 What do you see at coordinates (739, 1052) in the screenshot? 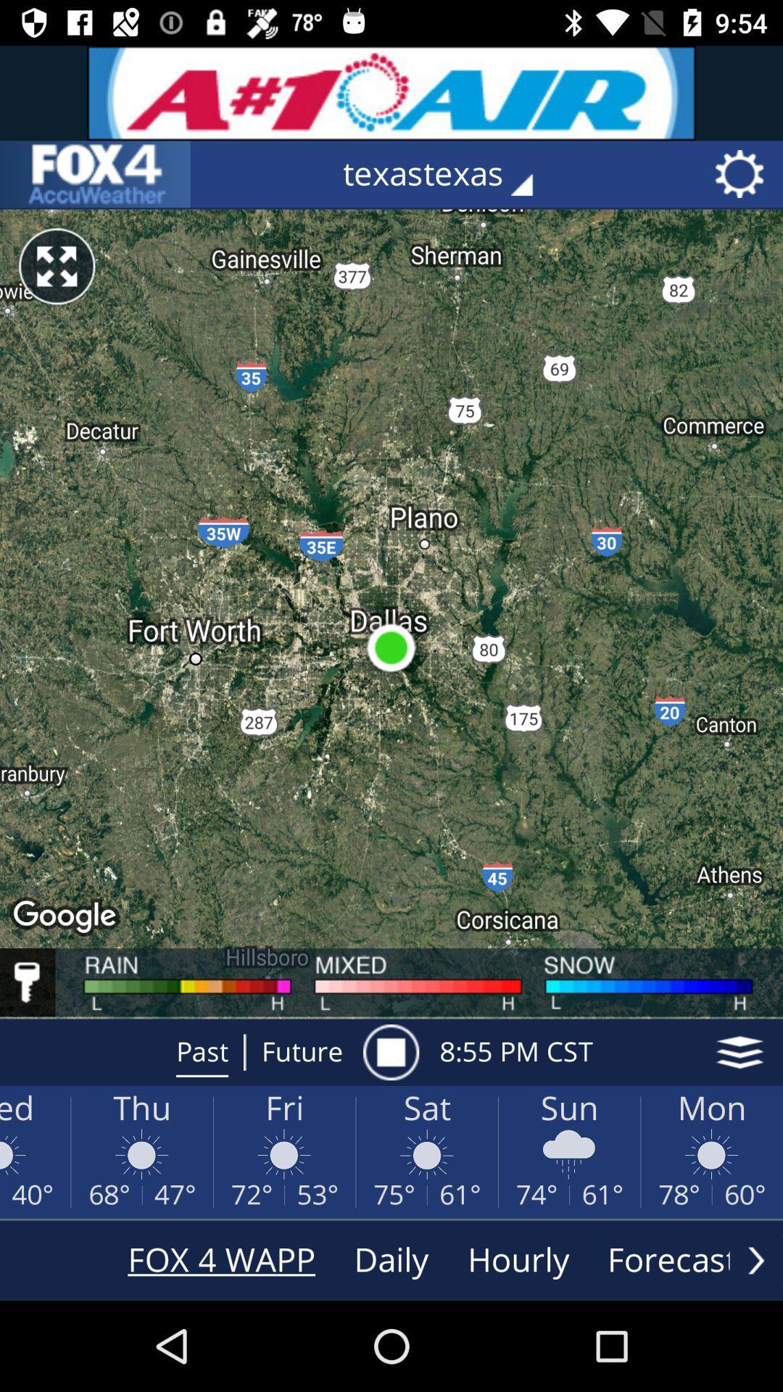
I see `the layers icon` at bounding box center [739, 1052].